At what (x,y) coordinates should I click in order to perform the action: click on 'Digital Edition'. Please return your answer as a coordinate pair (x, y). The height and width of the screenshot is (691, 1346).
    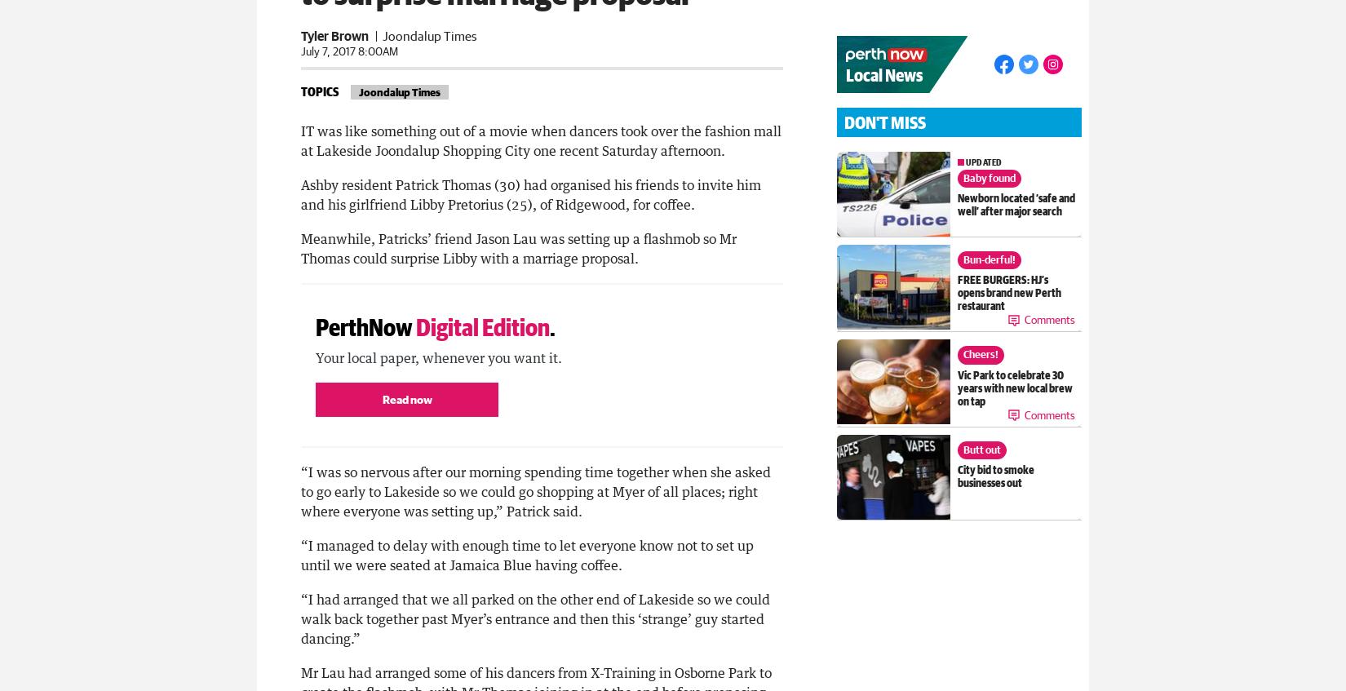
    Looking at the image, I should click on (482, 325).